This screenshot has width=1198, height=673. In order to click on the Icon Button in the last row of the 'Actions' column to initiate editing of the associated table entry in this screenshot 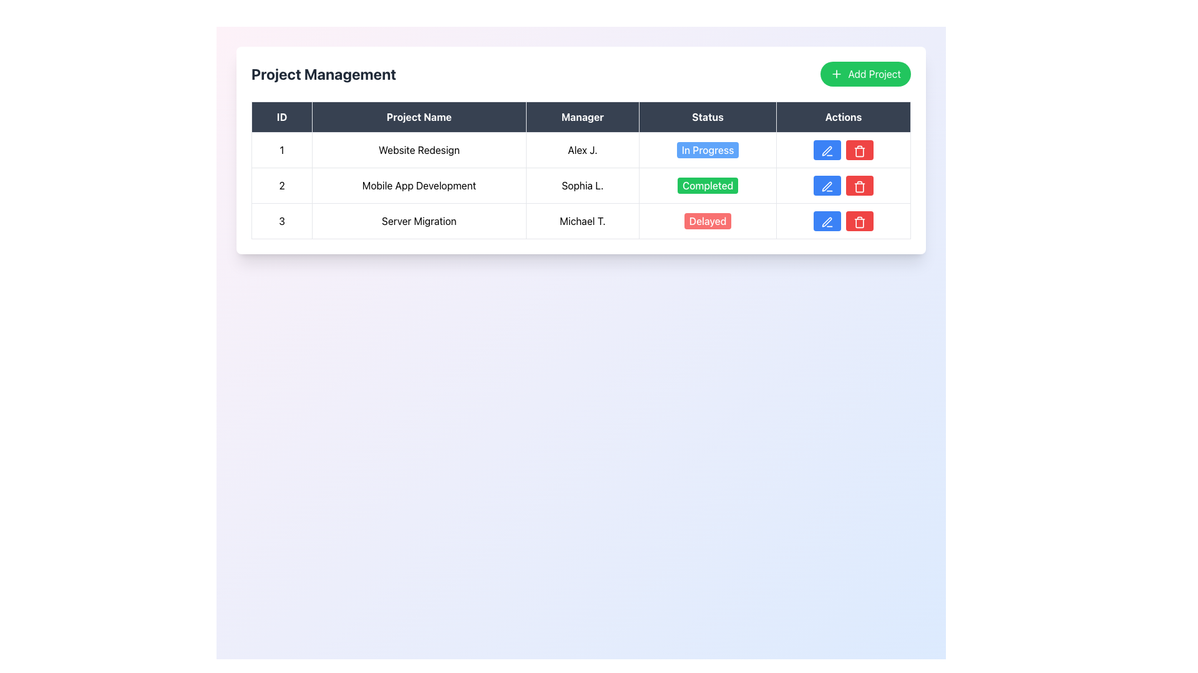, I will do `click(827, 221)`.